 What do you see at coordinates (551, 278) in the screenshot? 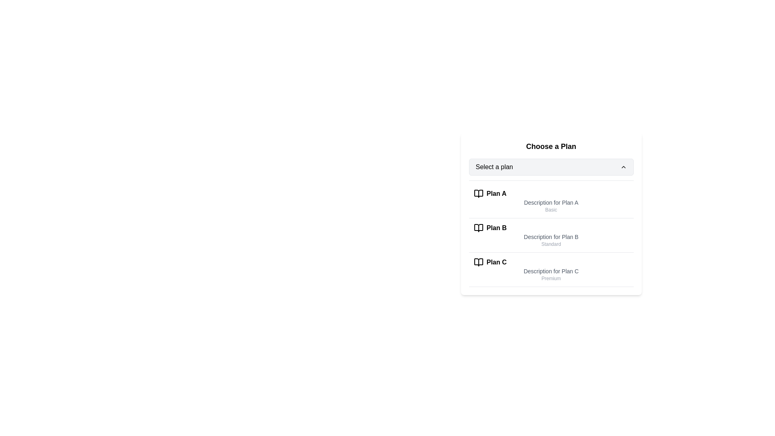
I see `'Premium' text label located under the 'Description for Plan C' in the Plan C section of the plan selection UI` at bounding box center [551, 278].